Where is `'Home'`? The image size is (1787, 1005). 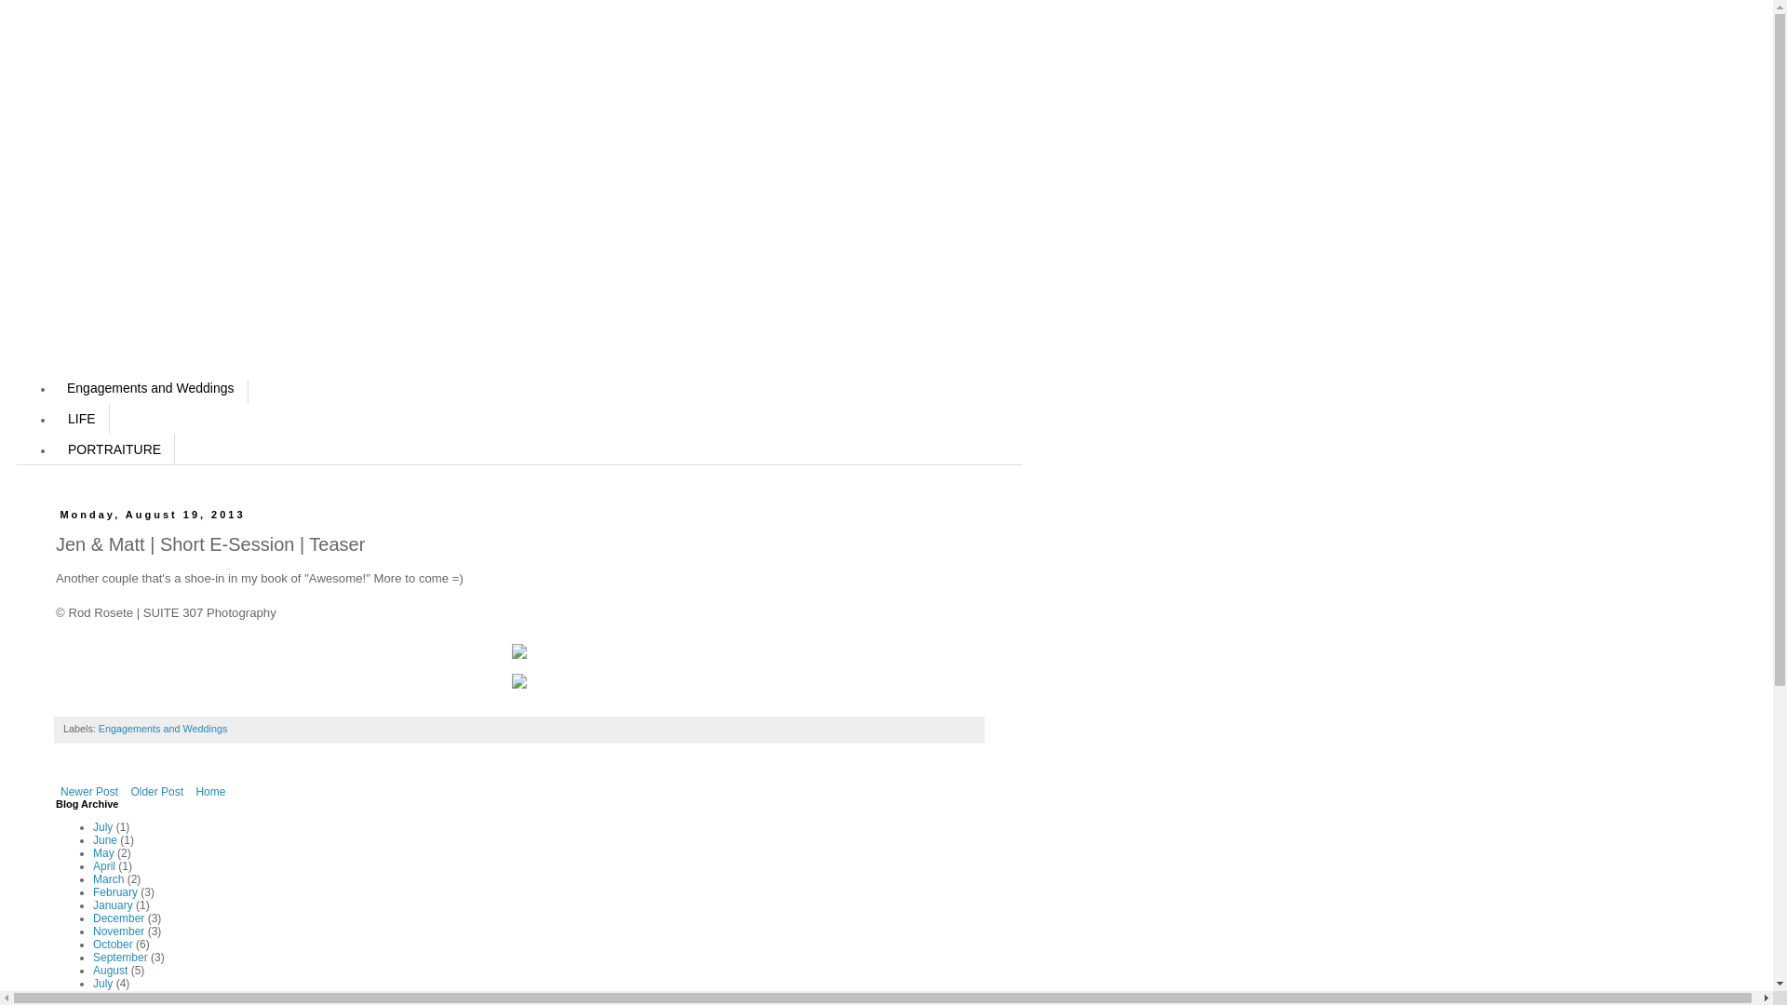 'Home' is located at coordinates (84, 202).